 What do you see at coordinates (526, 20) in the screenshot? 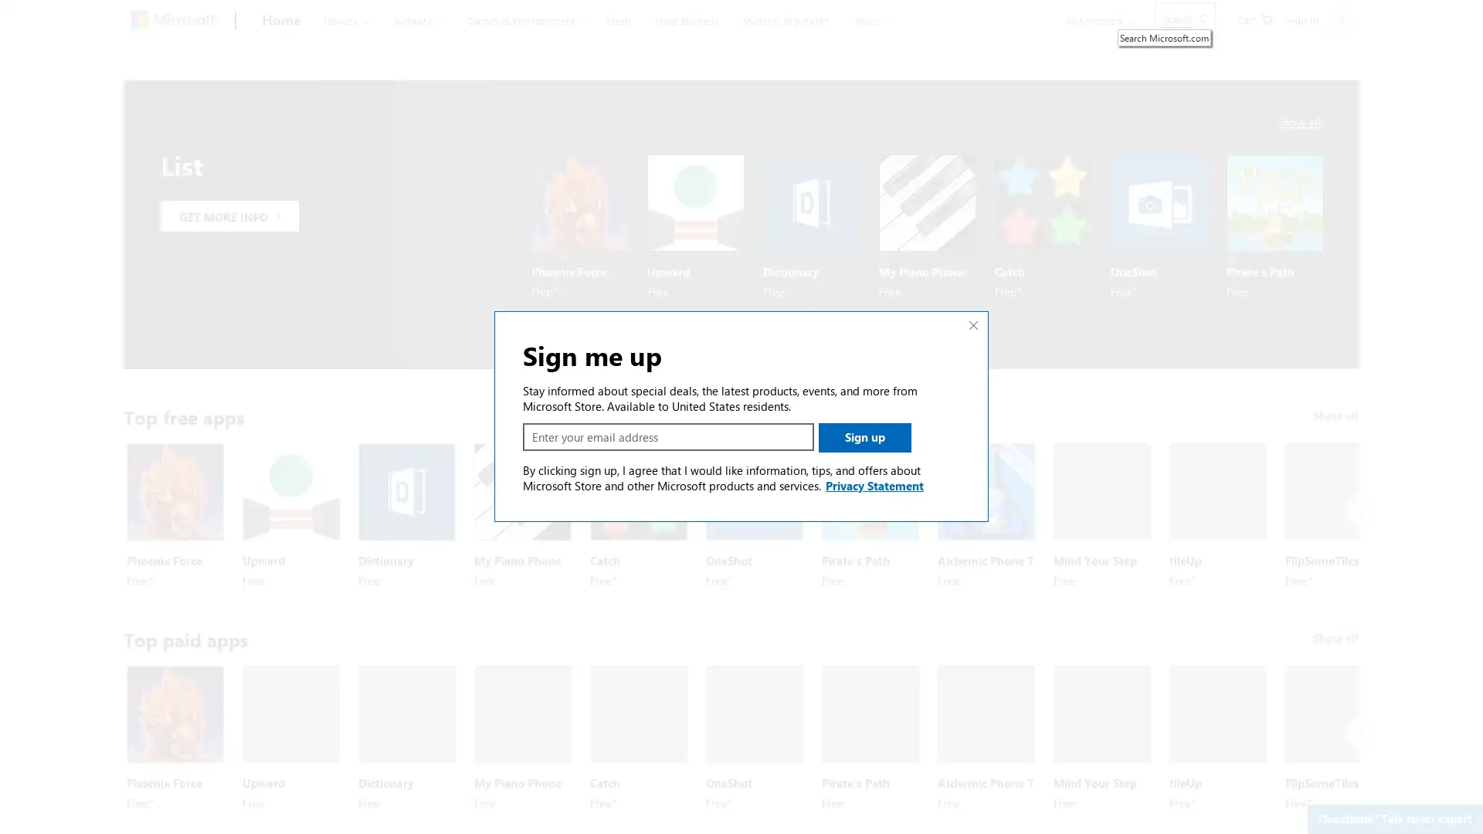
I see `Games & Entertainment` at bounding box center [526, 20].